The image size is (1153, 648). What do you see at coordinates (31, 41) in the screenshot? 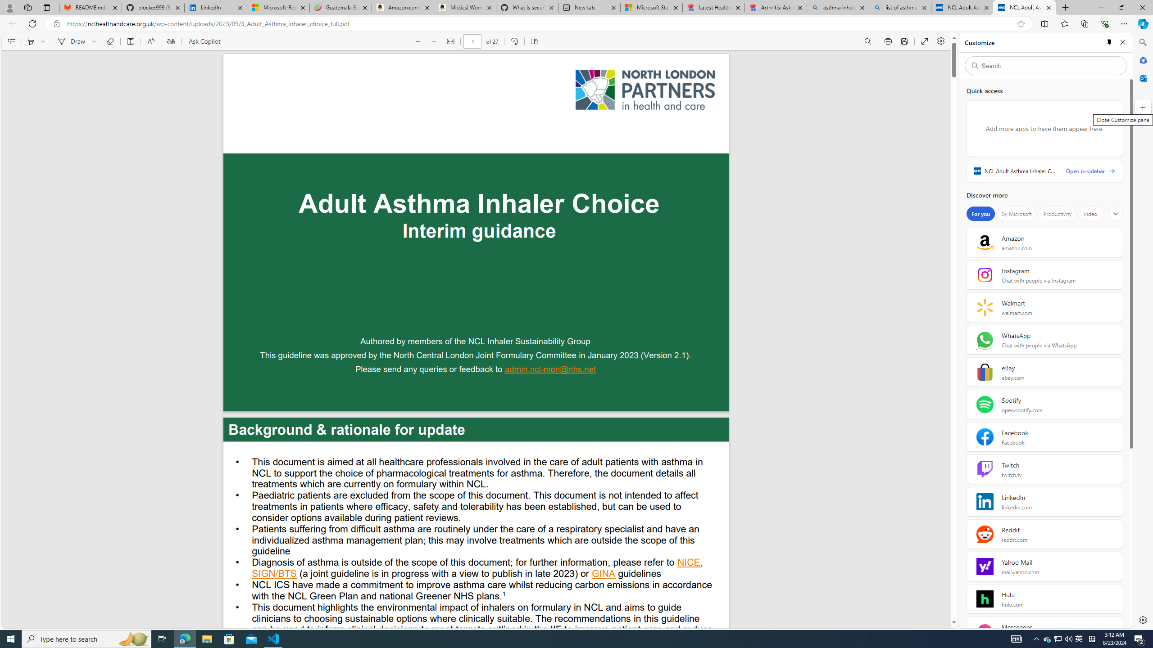
I see `'Highlight'` at bounding box center [31, 41].